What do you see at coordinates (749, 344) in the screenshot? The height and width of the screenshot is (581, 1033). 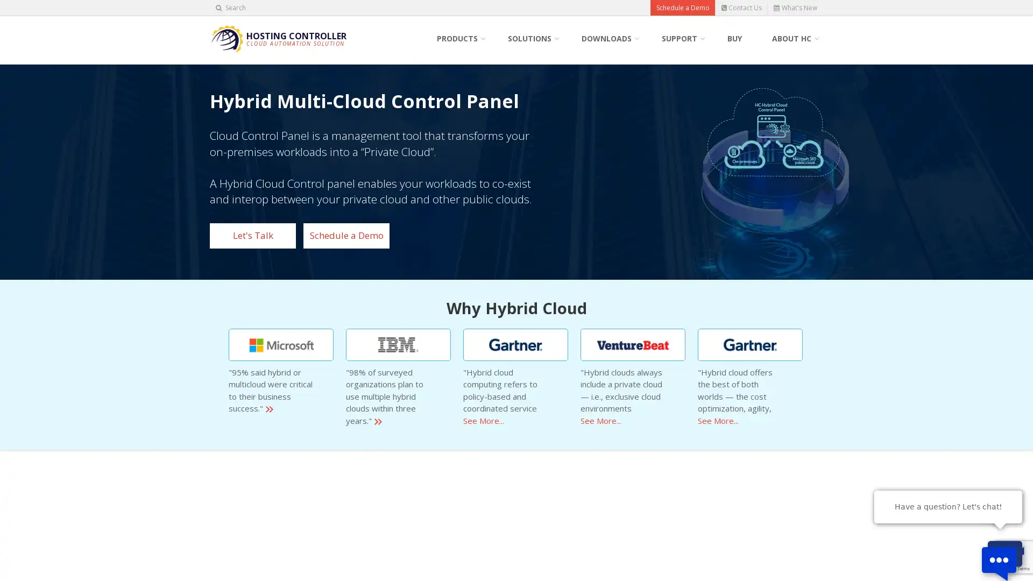 I see `Smarter With Gartner` at bounding box center [749, 344].